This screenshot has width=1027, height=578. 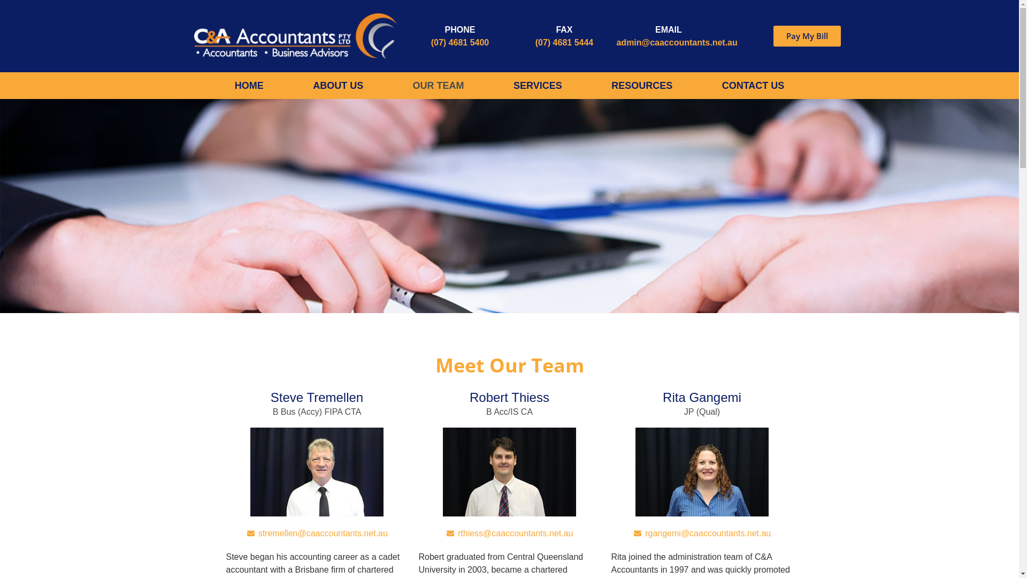 I want to click on 'OUR TEAM', so click(x=438, y=85).